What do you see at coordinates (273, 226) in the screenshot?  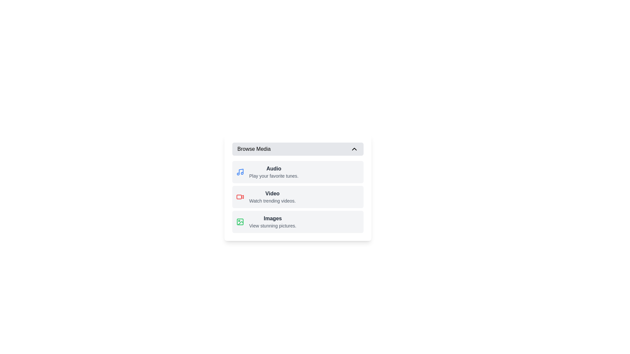 I see `the text block that displays 'View stunning pictures.' located directly under the title 'Images' in the media browsing section` at bounding box center [273, 226].